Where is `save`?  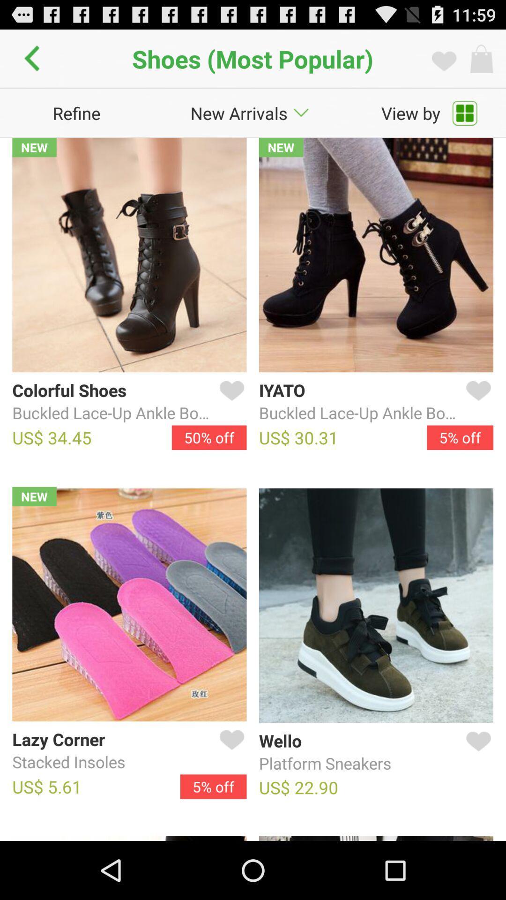 save is located at coordinates (476, 752).